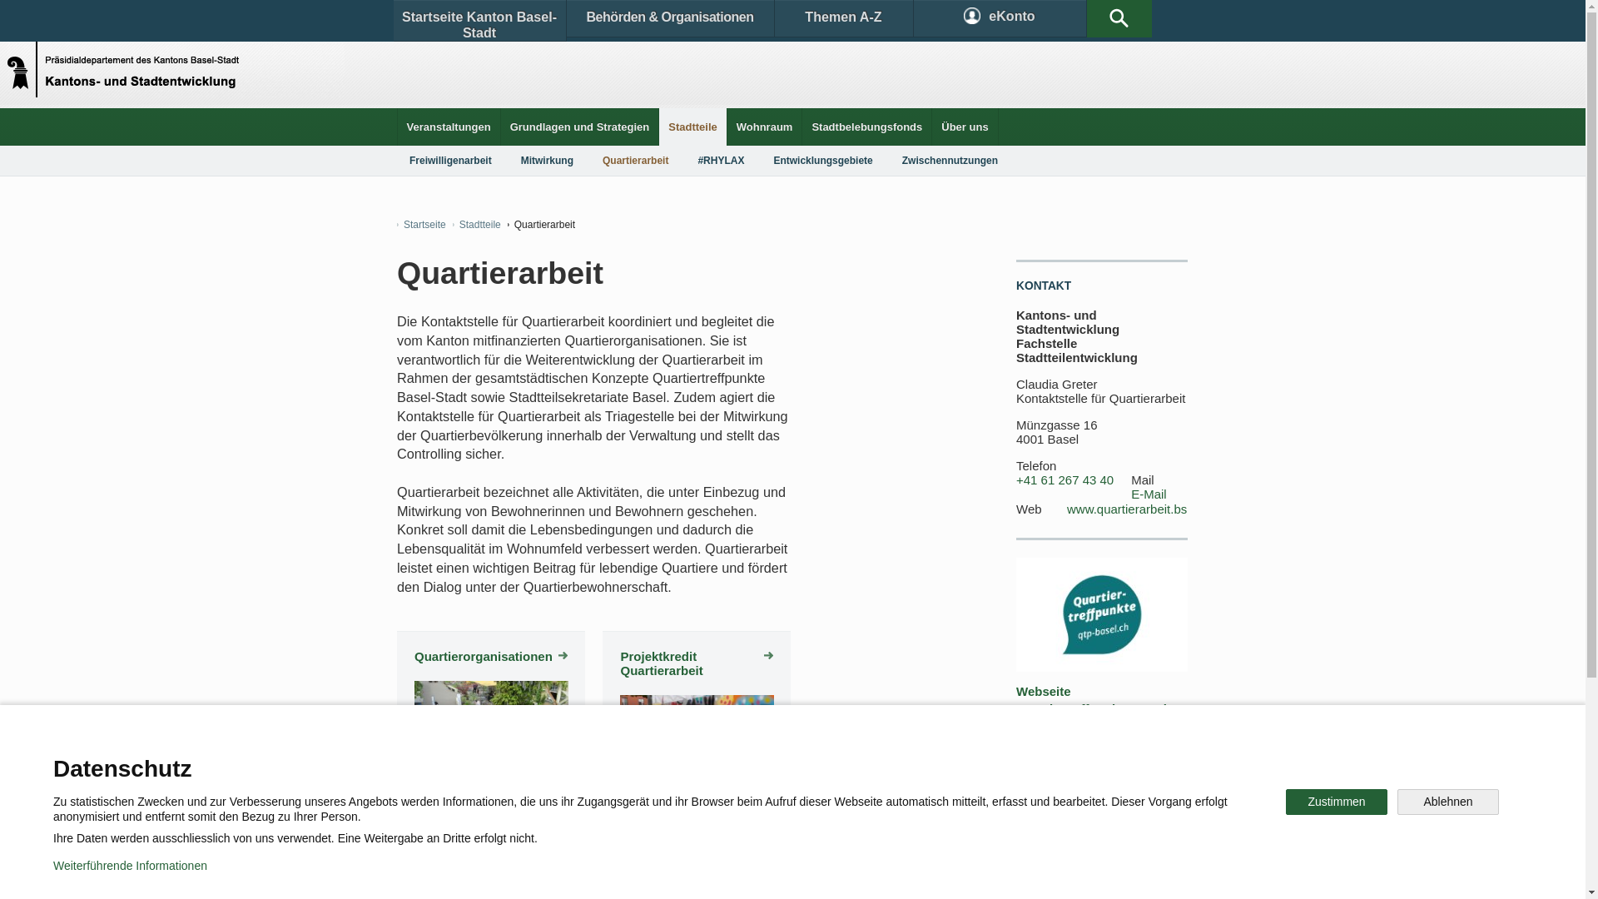 The width and height of the screenshot is (1598, 899). I want to click on '+41 61 267 43 40', so click(1064, 480).